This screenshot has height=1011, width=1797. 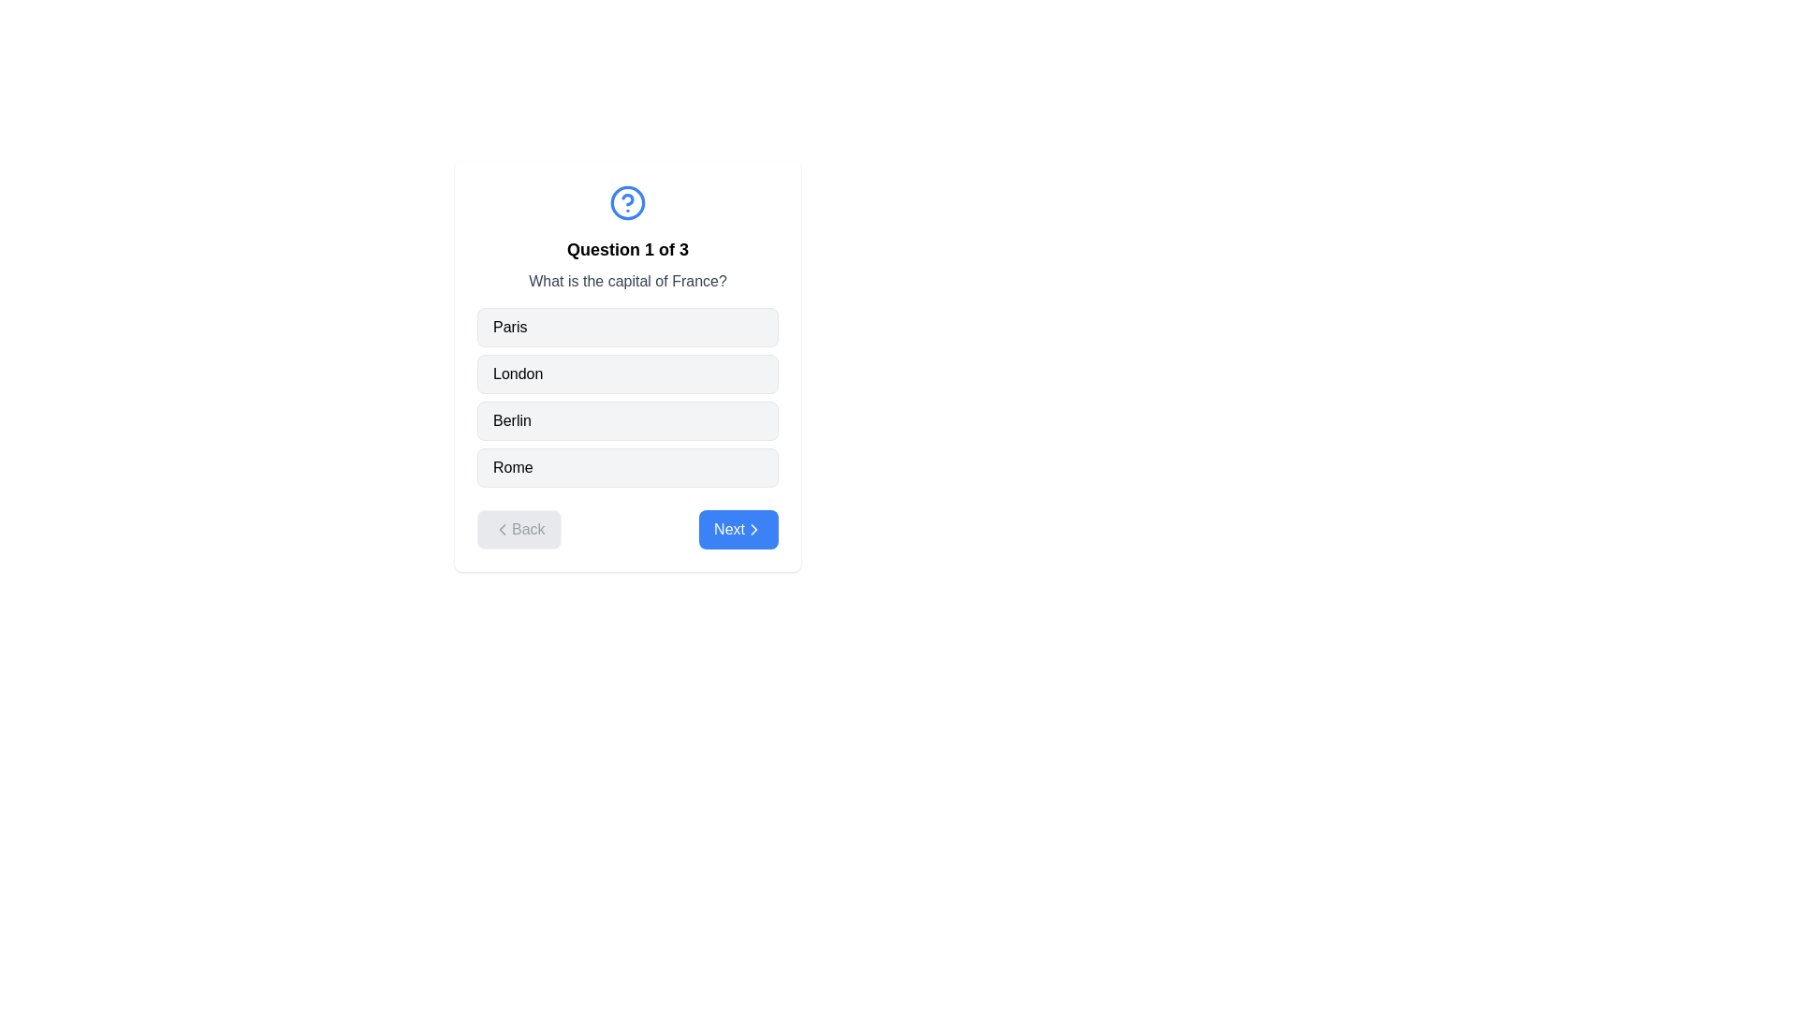 I want to click on the center-aligned text within the third rectangular button below the quiz question, so click(x=512, y=421).